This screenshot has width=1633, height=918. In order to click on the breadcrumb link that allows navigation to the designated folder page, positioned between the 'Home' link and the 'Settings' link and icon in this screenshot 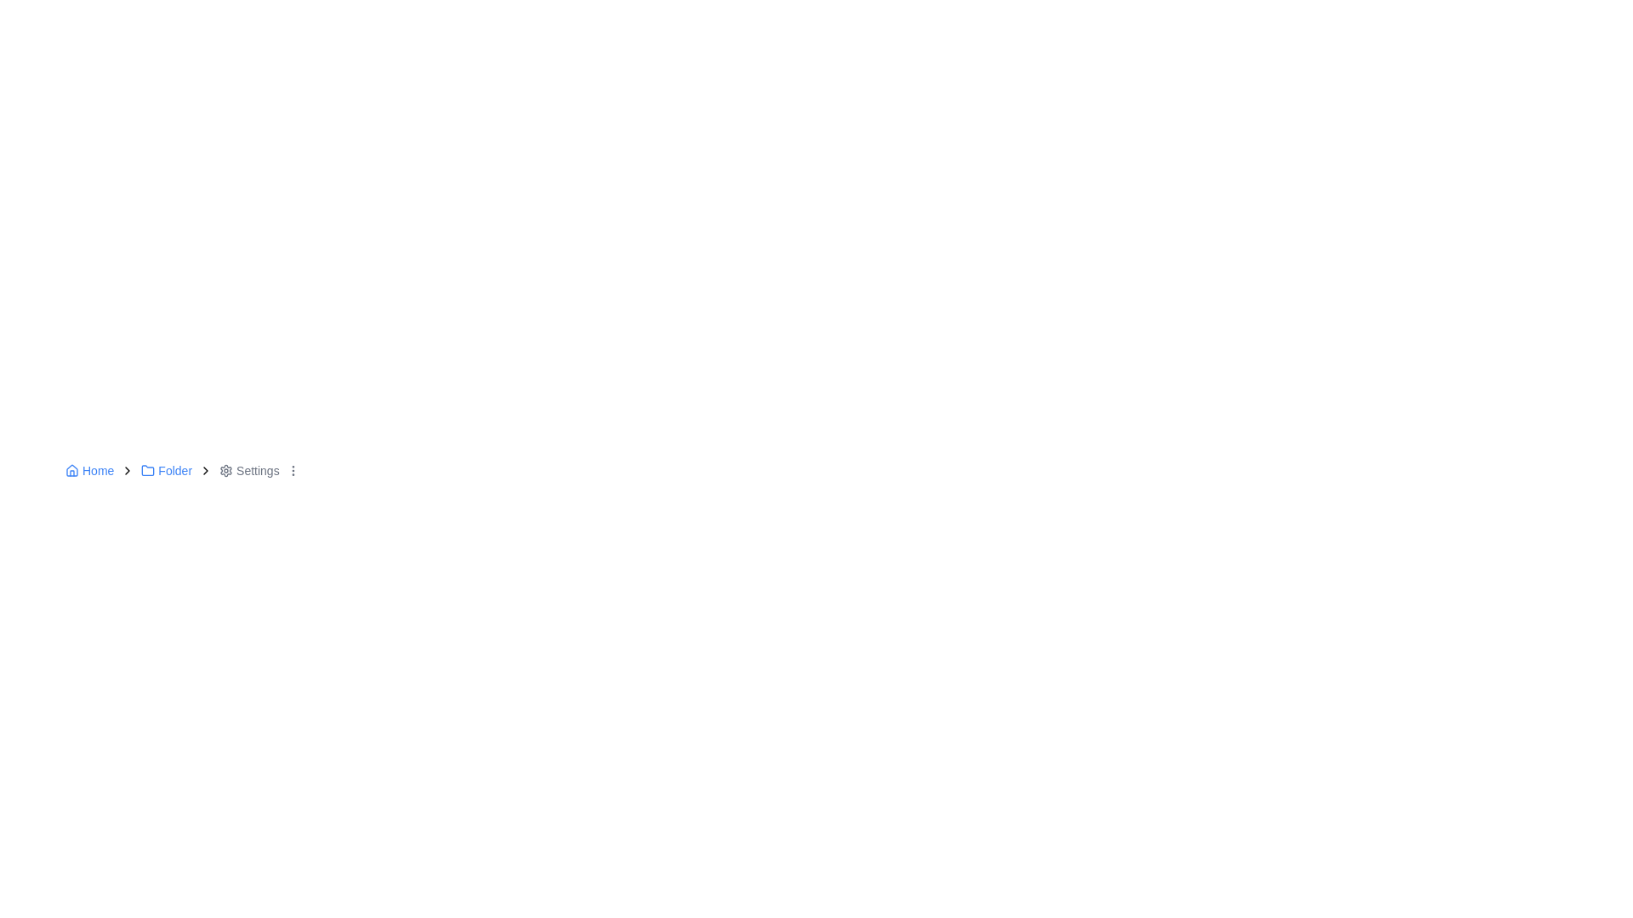, I will do `click(167, 471)`.